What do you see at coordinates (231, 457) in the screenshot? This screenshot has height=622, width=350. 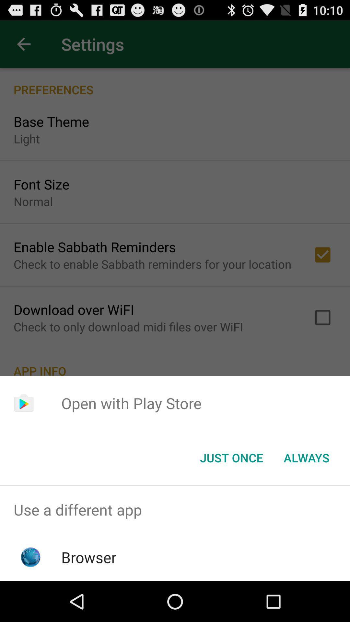 I see `the icon below the open with play item` at bounding box center [231, 457].